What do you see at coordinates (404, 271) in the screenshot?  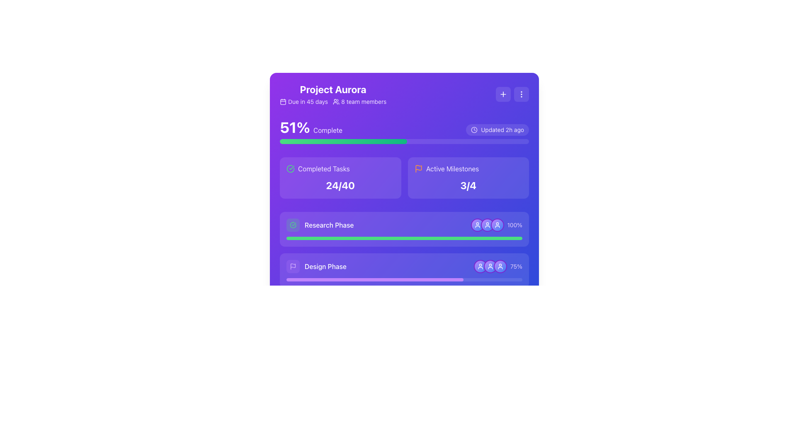 I see `the progress card UI component displaying the 'Design Phase' progress information, which is the second item in the vertical list of progress cards` at bounding box center [404, 271].